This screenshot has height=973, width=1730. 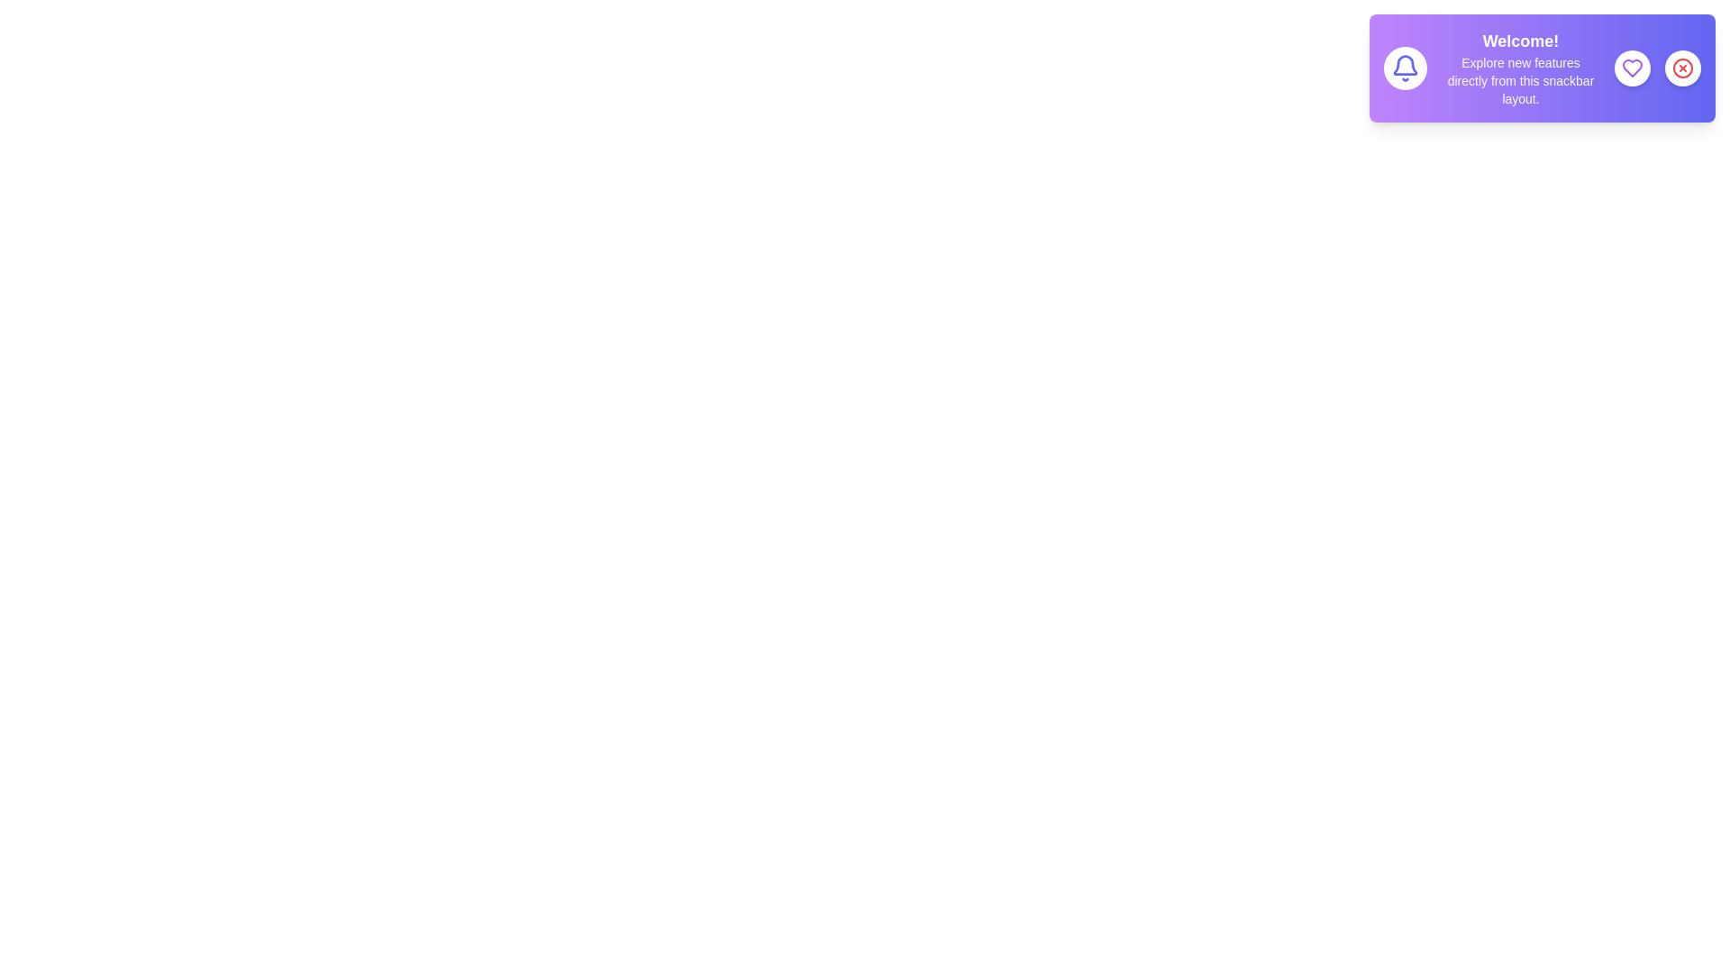 What do you see at coordinates (1632, 68) in the screenshot?
I see `heart button to trigger an event` at bounding box center [1632, 68].